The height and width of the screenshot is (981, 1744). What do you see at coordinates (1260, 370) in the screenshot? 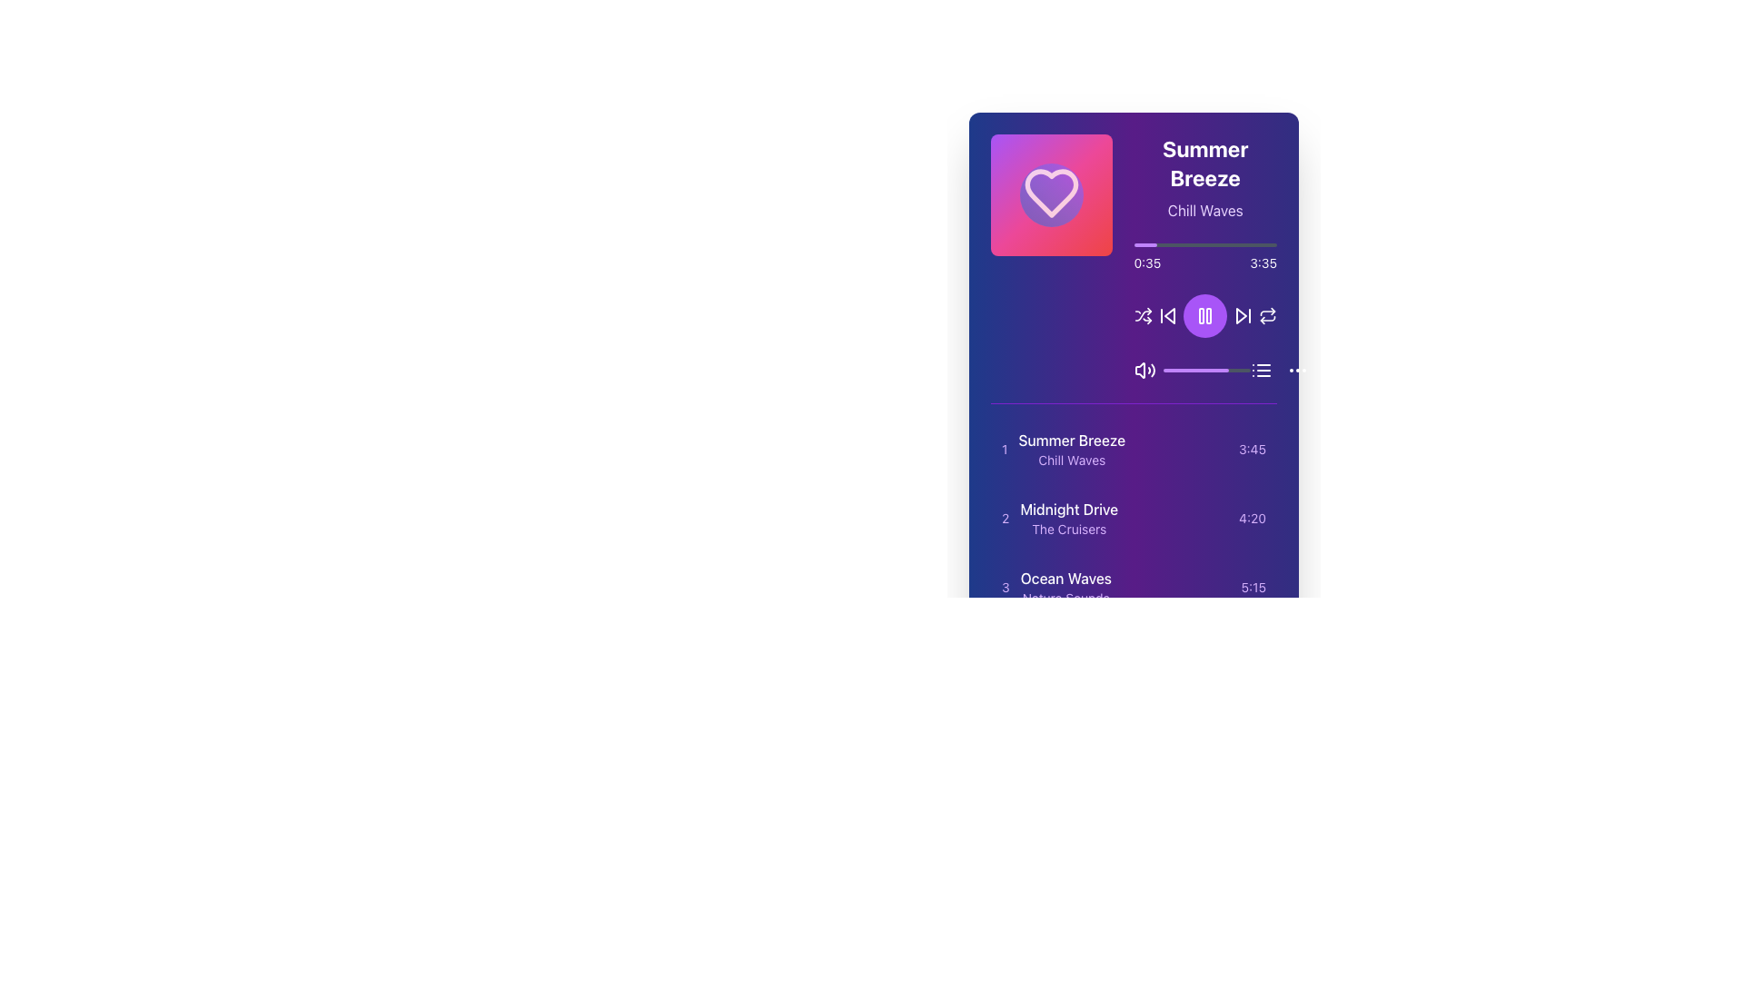
I see `the compact hamburger-style icon button, which consists of three white horizontal lines on a purple background, located at the lower-right corner of the music player interface` at bounding box center [1260, 370].